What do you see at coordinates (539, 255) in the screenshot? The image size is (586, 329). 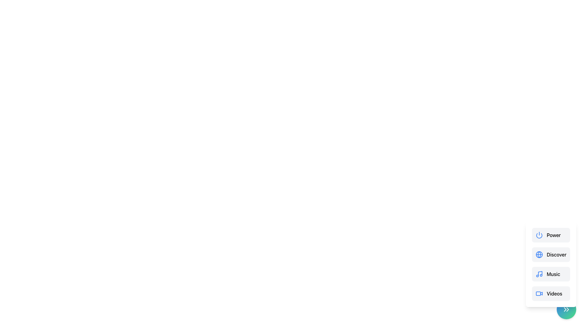 I see `the globe icon with a thin blue outline located to the left of the 'Discover' text label in the vertical navigation menu` at bounding box center [539, 255].